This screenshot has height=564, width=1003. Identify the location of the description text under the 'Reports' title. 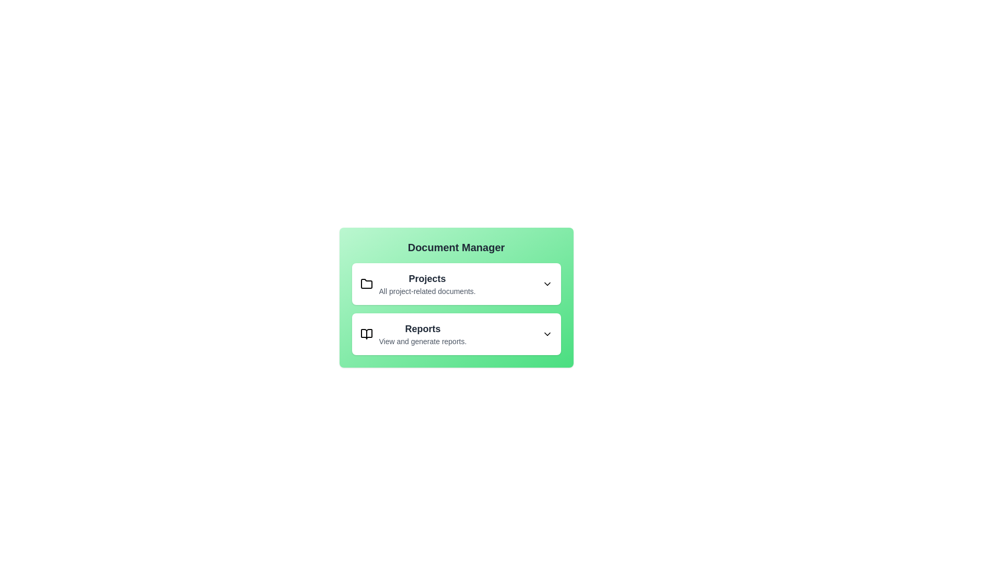
(423, 342).